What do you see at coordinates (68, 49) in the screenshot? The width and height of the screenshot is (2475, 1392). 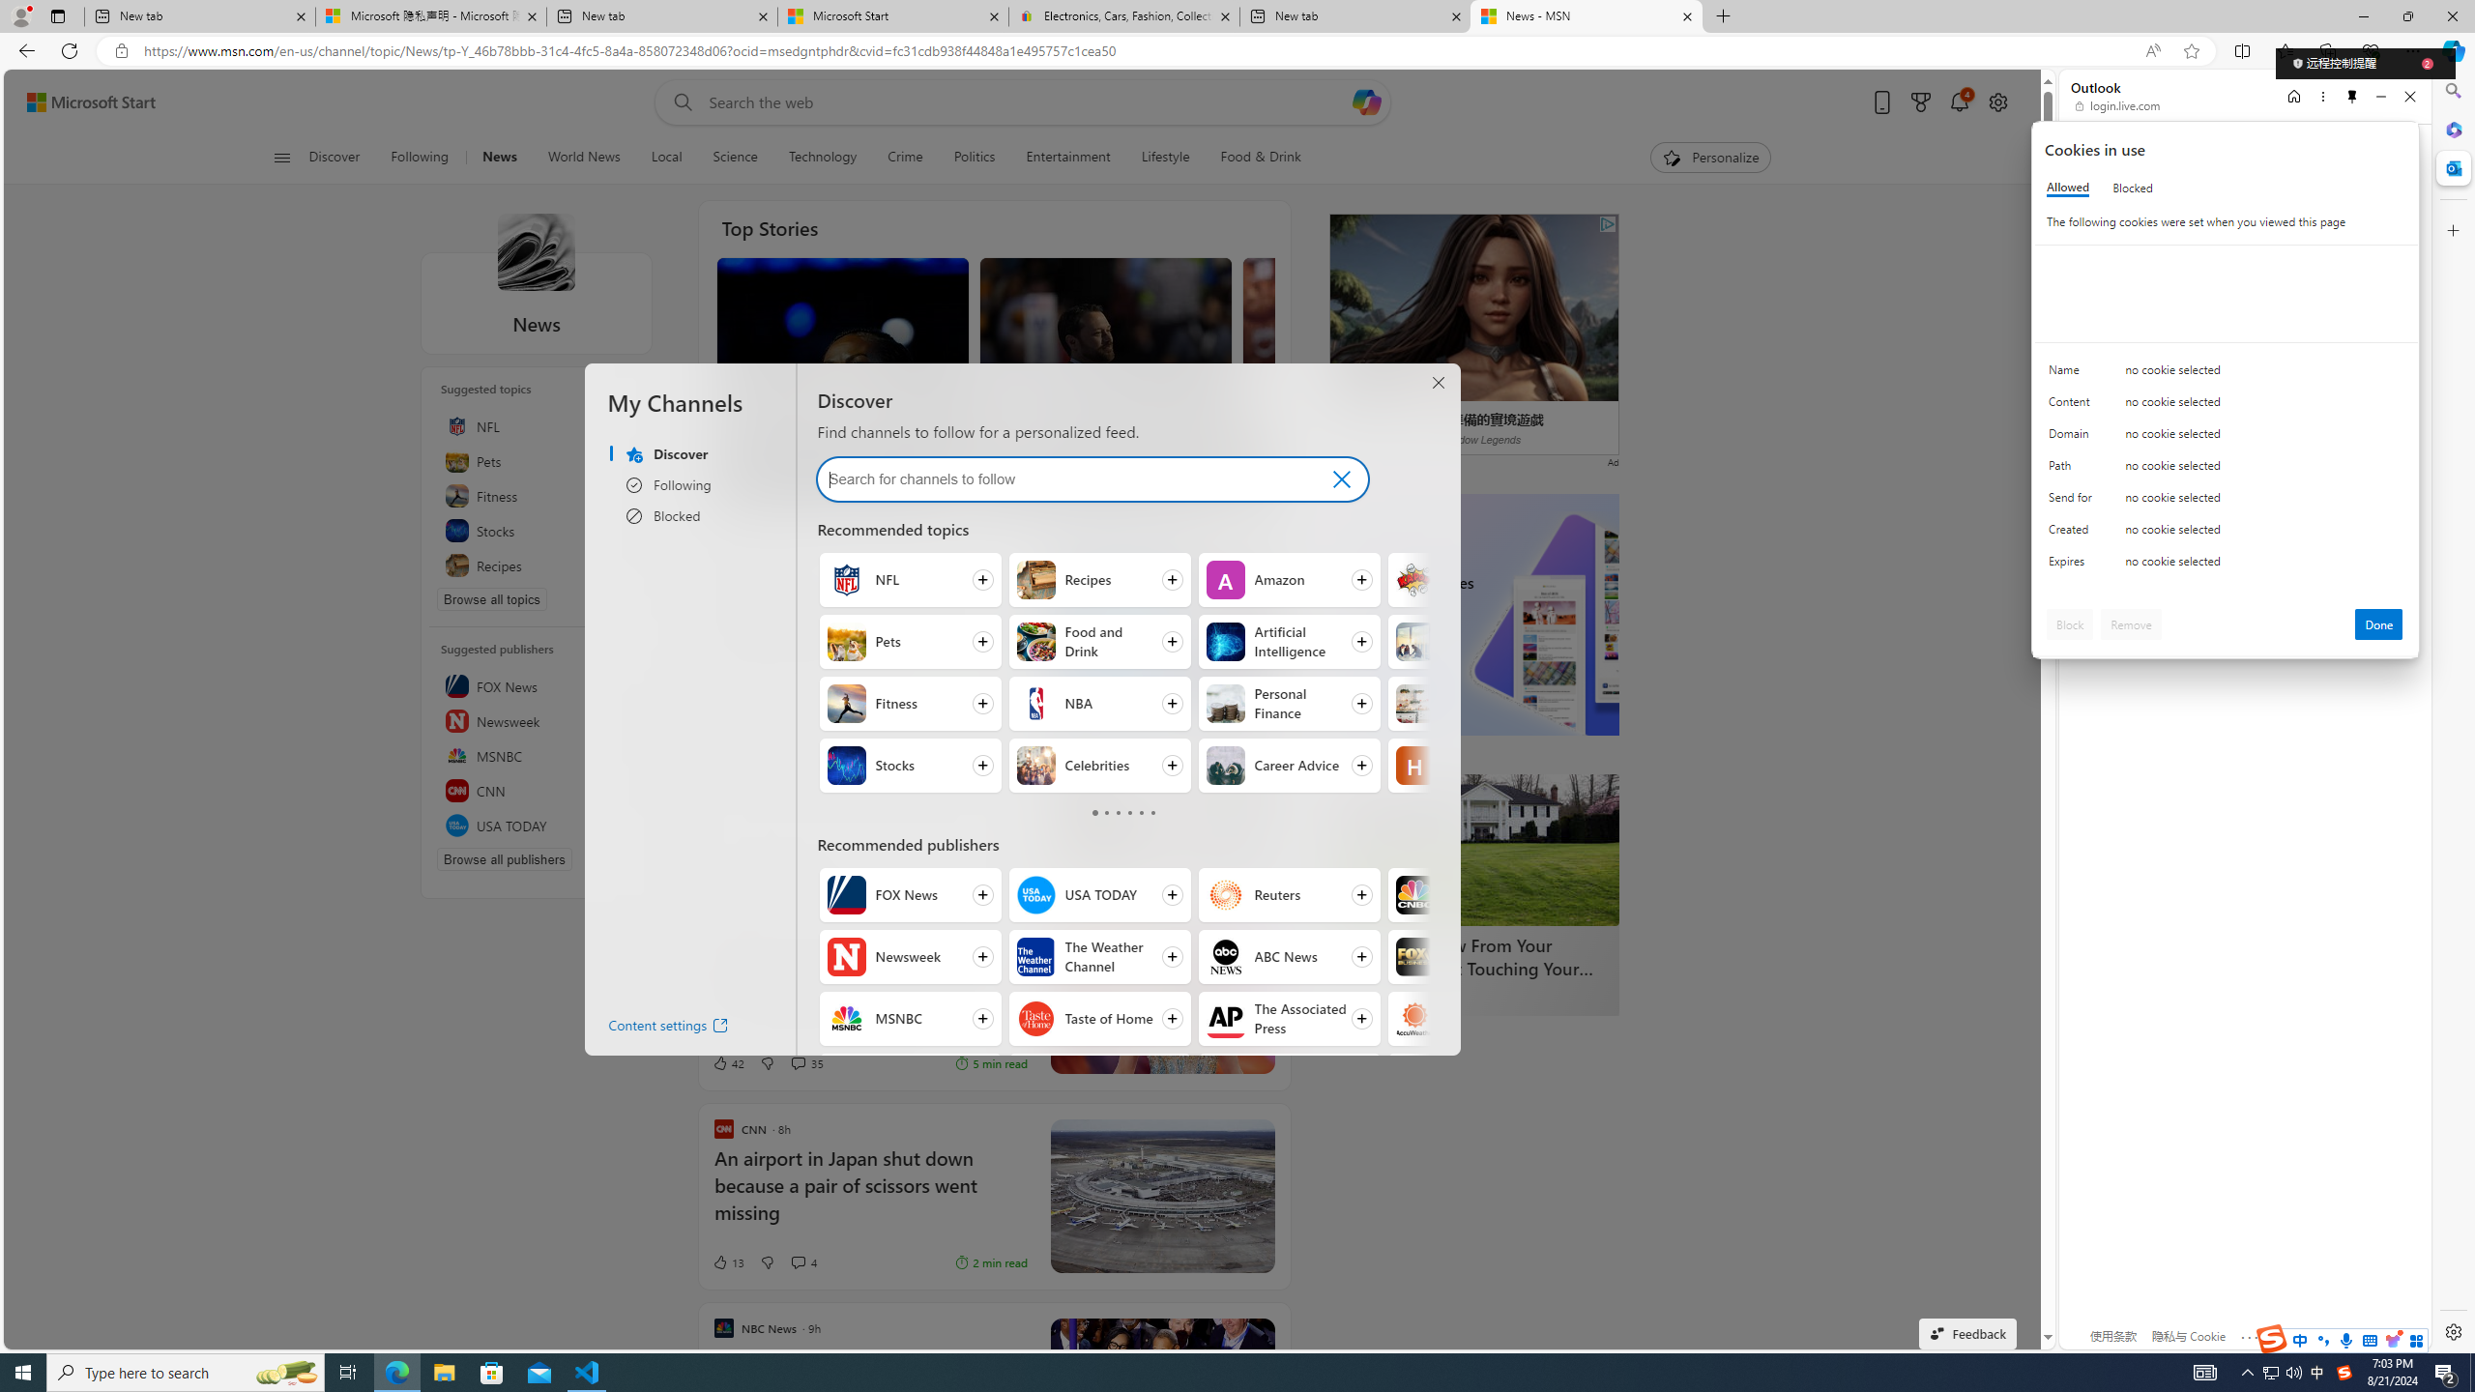 I see `'Refresh'` at bounding box center [68, 49].